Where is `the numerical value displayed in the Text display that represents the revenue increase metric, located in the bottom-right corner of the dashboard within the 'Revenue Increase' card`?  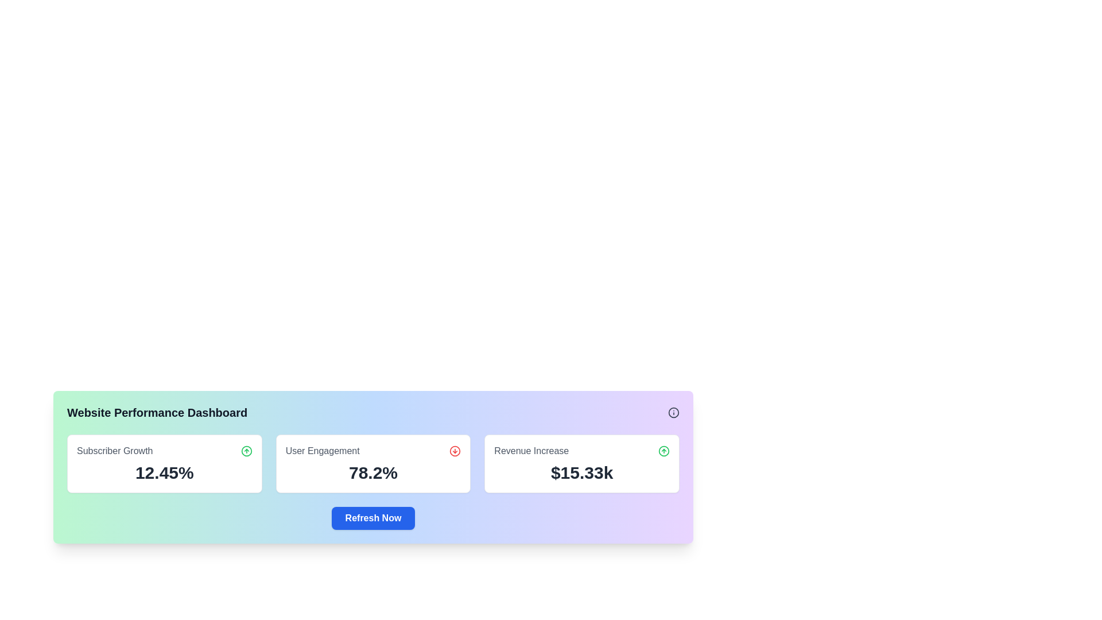 the numerical value displayed in the Text display that represents the revenue increase metric, located in the bottom-right corner of the dashboard within the 'Revenue Increase' card is located at coordinates (582, 473).